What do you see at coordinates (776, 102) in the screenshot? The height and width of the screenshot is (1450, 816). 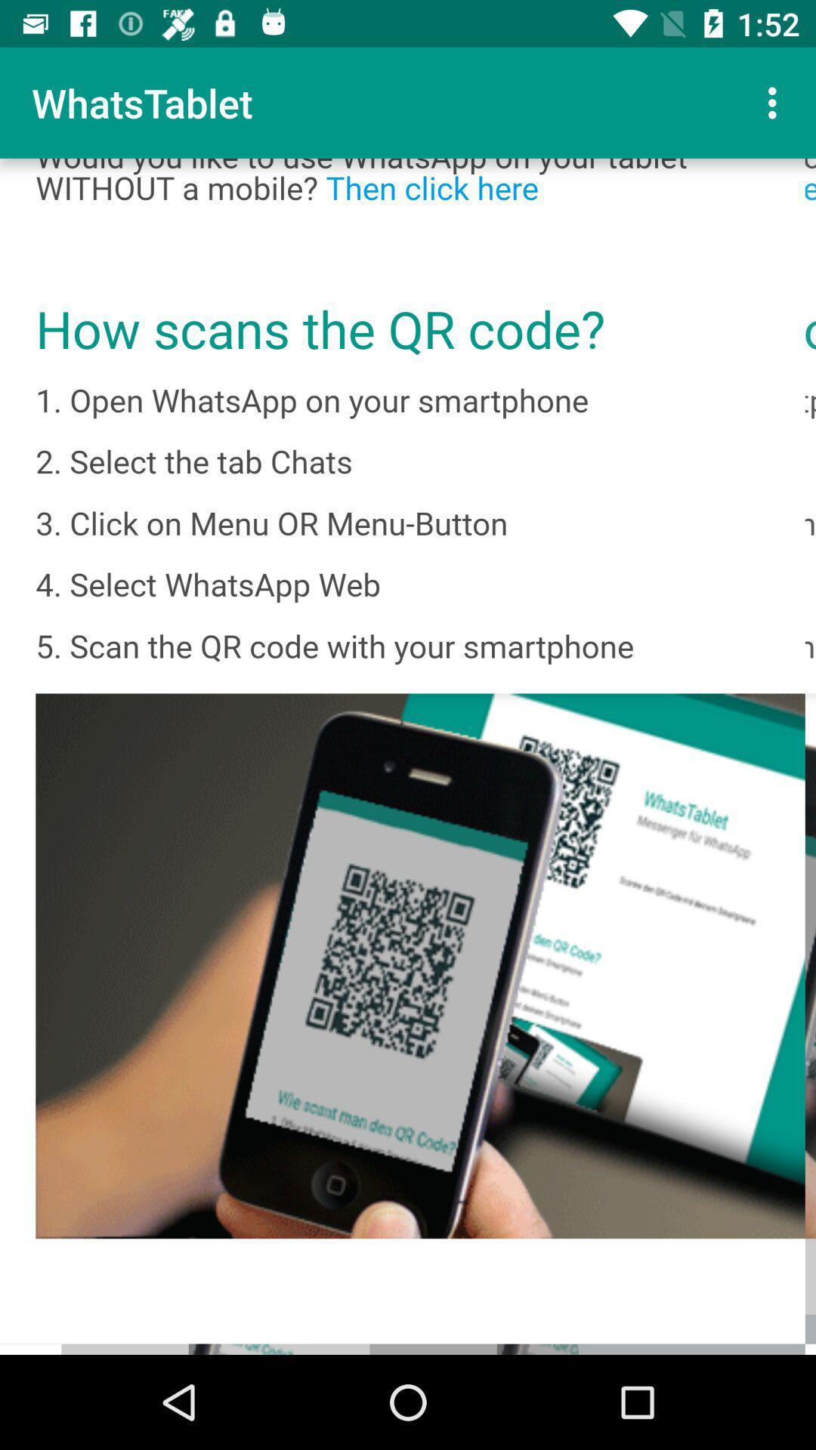 I see `the item at the top right corner` at bounding box center [776, 102].